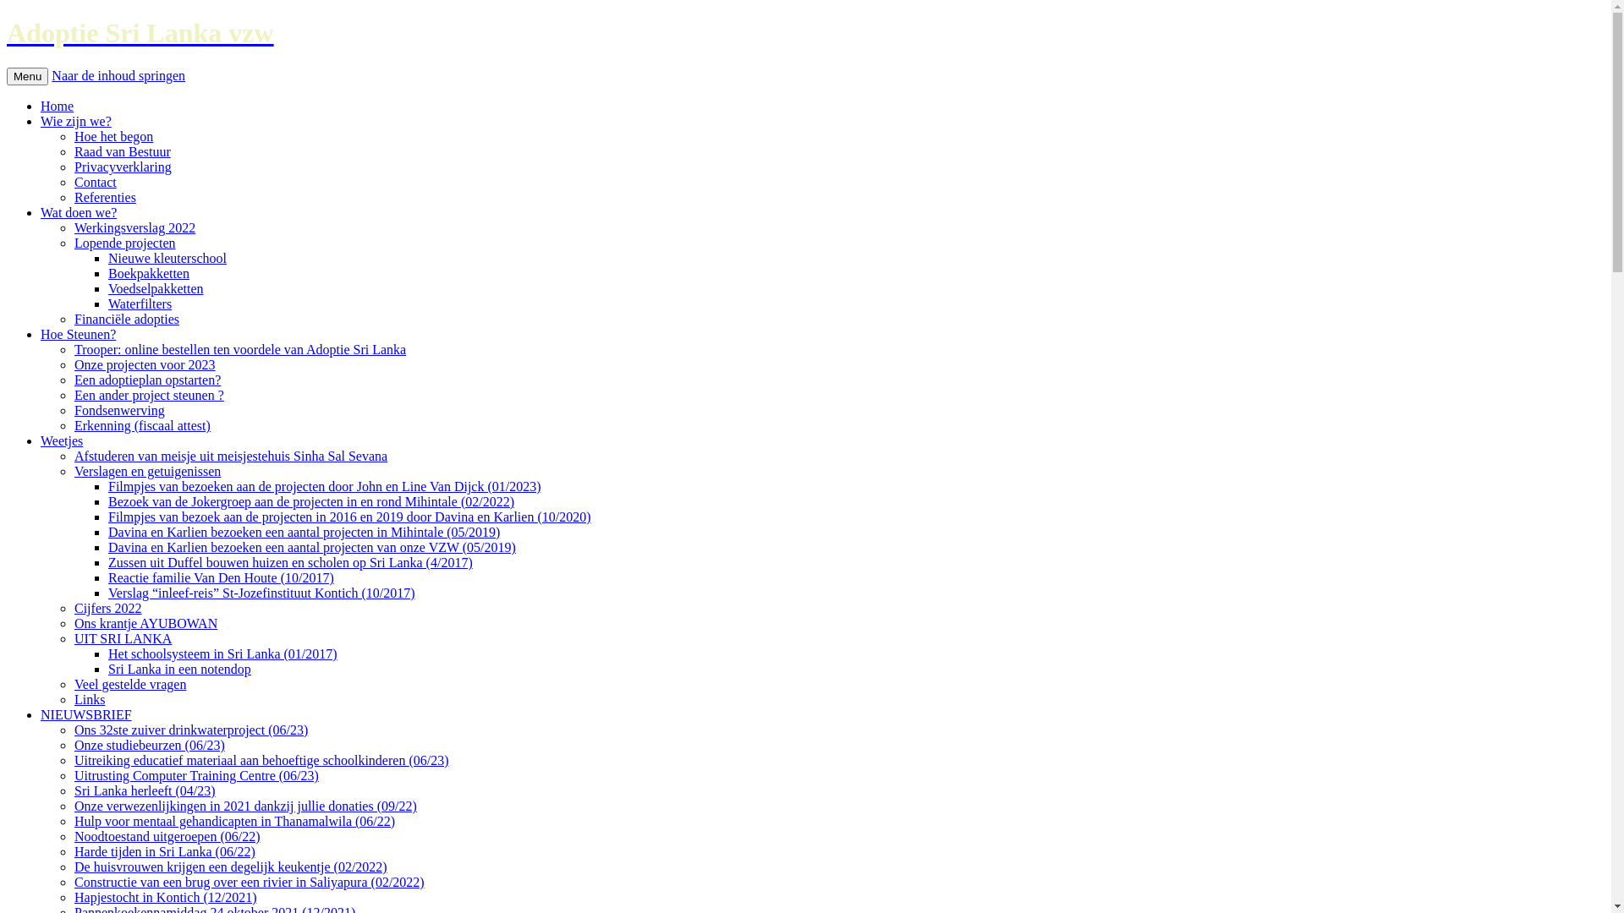 This screenshot has height=913, width=1624. Describe the element at coordinates (85, 714) in the screenshot. I see `'NIEUWSBRIEF'` at that location.